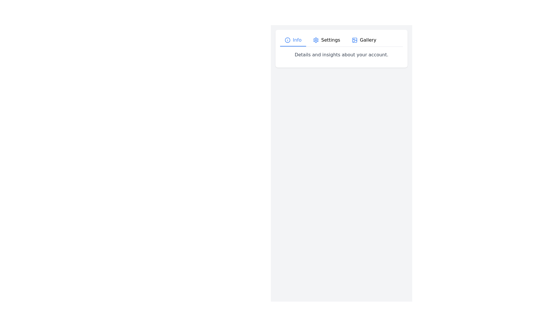 The height and width of the screenshot is (312, 555). Describe the element at coordinates (287, 40) in the screenshot. I see `the information icon, which is a blue circular outline with a dot and vertical line, located to the left of the 'Info' tab in the navigation bar` at that location.